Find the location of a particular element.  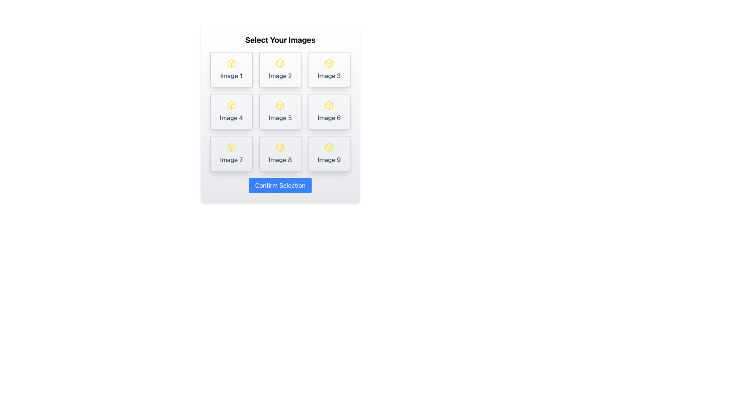

the yellow cube icon in the top row of the grid is located at coordinates (231, 63).